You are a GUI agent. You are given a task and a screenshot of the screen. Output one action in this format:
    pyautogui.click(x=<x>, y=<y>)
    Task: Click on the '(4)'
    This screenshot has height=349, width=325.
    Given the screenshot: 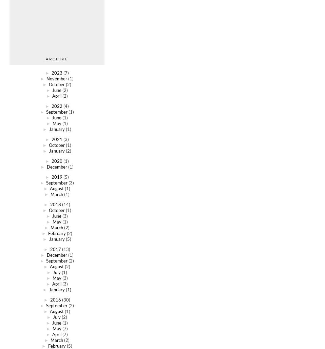 What is the action you would take?
    pyautogui.click(x=65, y=106)
    